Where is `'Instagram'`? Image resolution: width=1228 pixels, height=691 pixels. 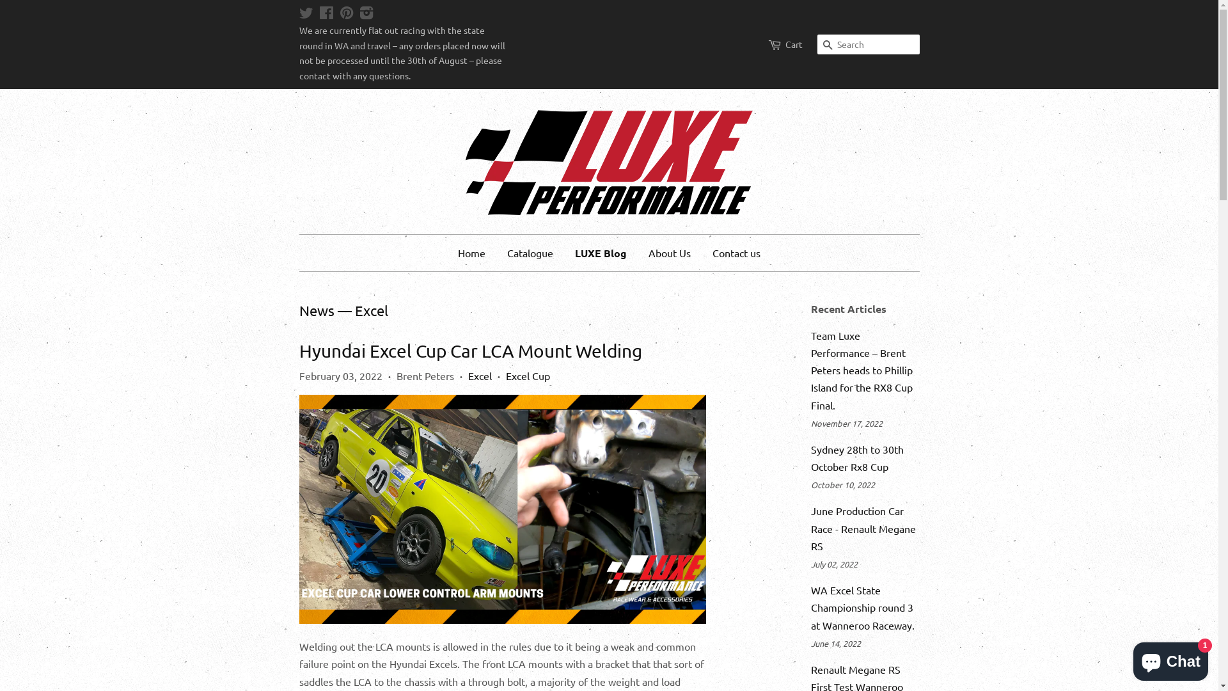
'Instagram' is located at coordinates (365, 15).